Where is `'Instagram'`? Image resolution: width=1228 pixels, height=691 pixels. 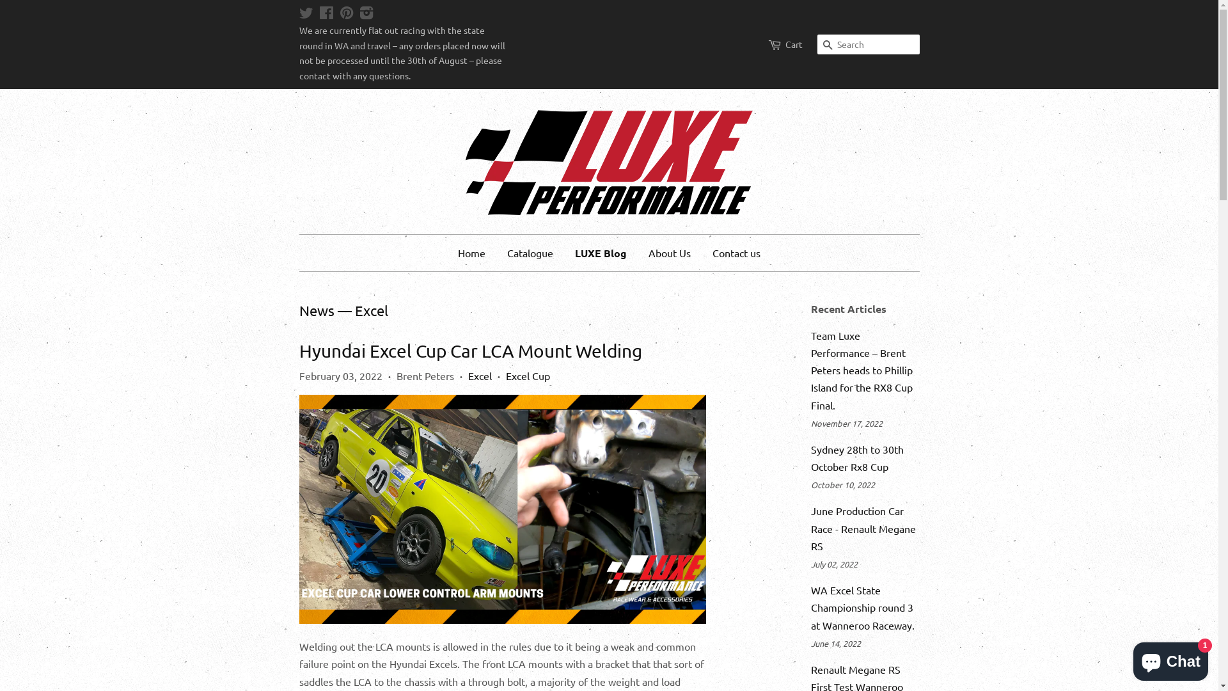
'Instagram' is located at coordinates (365, 15).